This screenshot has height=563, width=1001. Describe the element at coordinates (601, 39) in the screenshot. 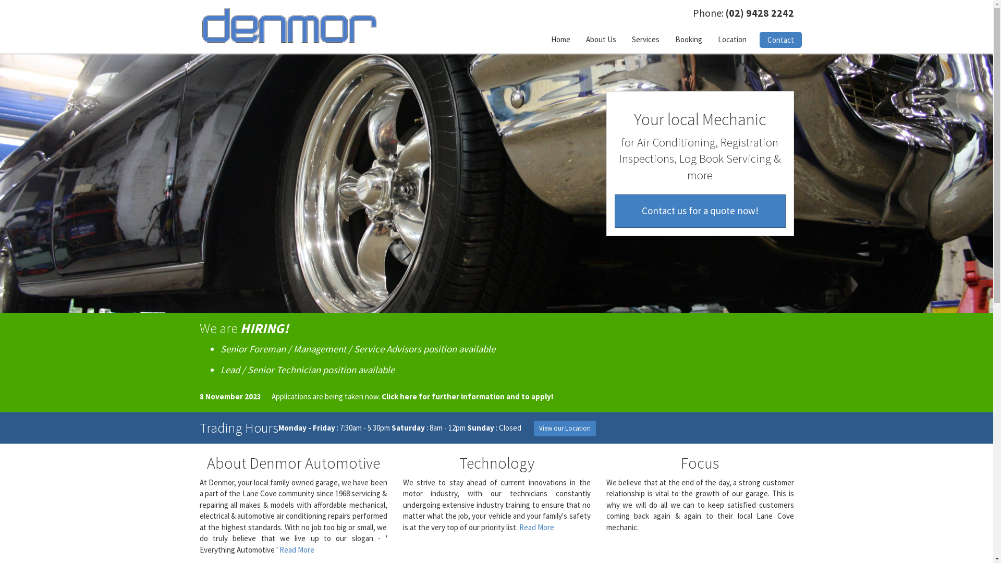

I see `'About Us'` at that location.